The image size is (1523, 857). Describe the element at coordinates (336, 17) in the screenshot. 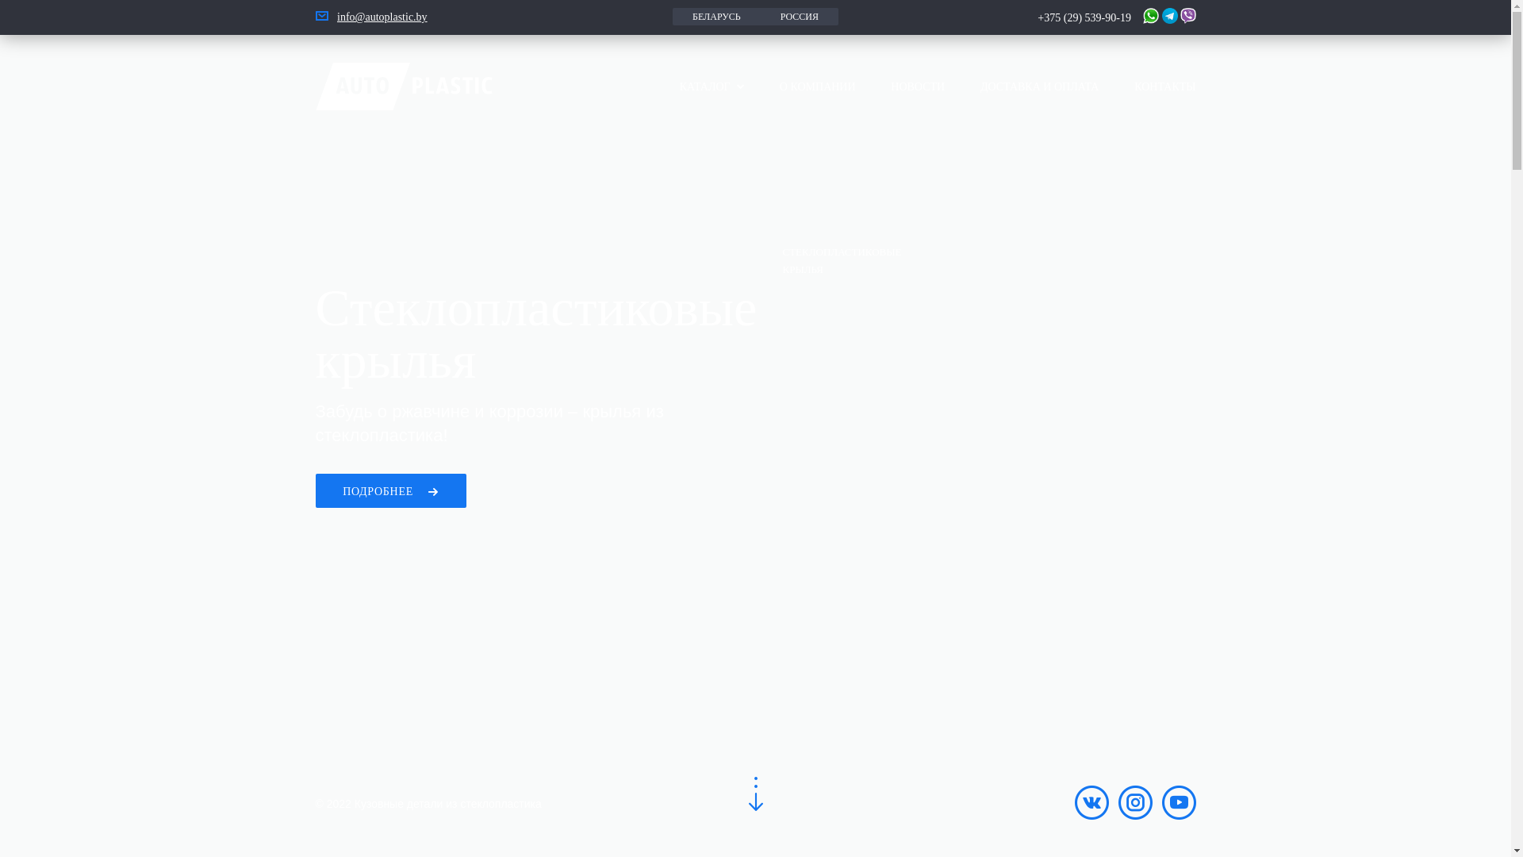

I see `'info@autoplastic.by'` at that location.